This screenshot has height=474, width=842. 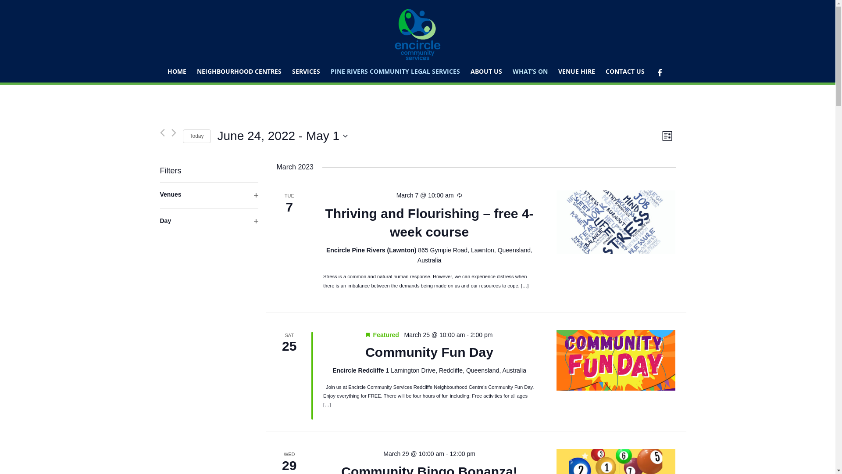 I want to click on 'Next Events', so click(x=173, y=133).